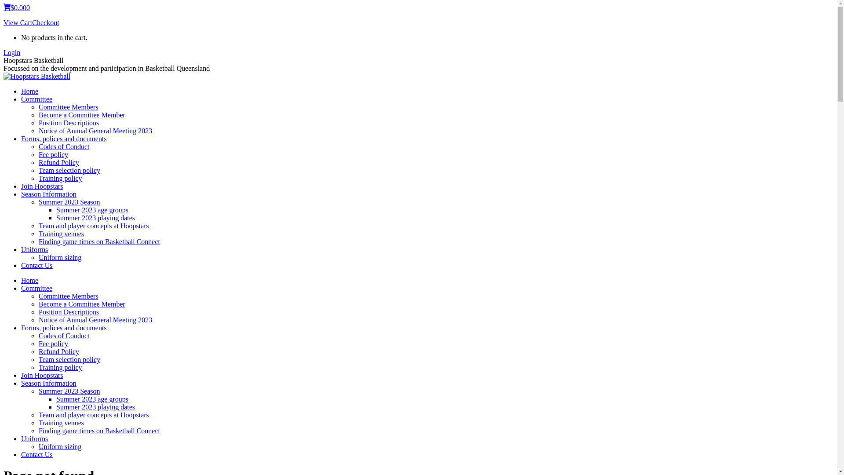  Describe the element at coordinates (36, 99) in the screenshot. I see `'Committee'` at that location.